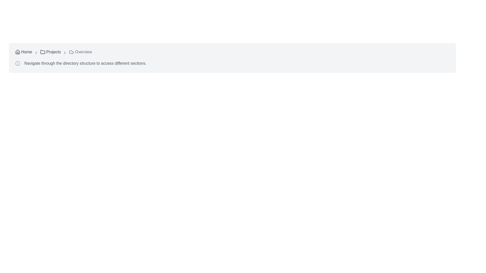  Describe the element at coordinates (50, 53) in the screenshot. I see `the second item in the breadcrumb navigation bar` at that location.